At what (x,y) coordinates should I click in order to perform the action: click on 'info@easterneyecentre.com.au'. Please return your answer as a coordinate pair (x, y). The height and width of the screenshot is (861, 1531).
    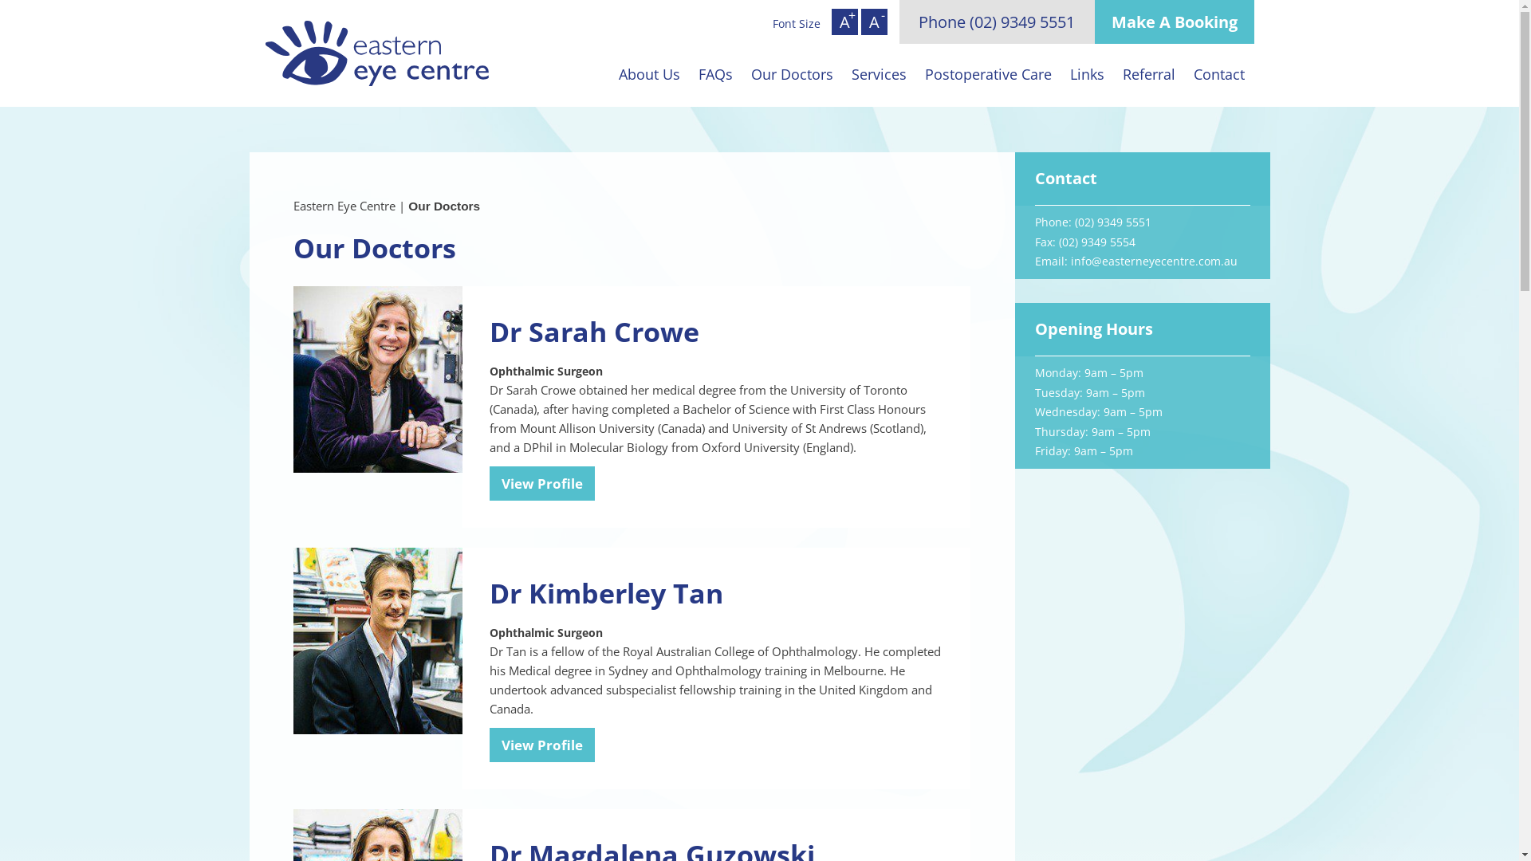
    Looking at the image, I should click on (1153, 260).